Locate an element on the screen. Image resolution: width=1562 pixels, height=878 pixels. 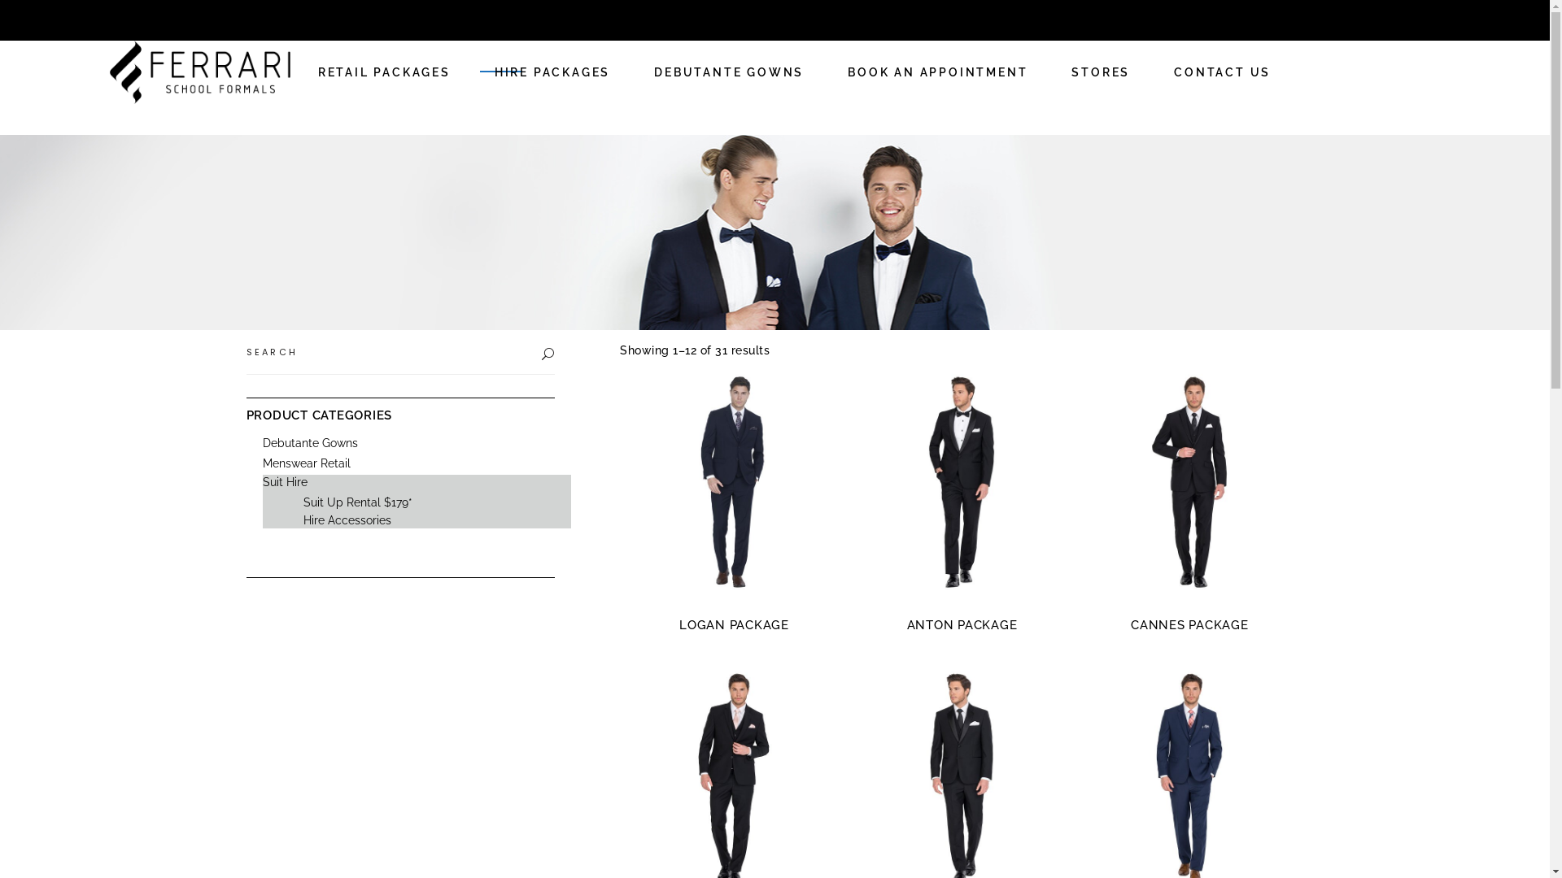
'CONTACT US' is located at coordinates (1222, 71).